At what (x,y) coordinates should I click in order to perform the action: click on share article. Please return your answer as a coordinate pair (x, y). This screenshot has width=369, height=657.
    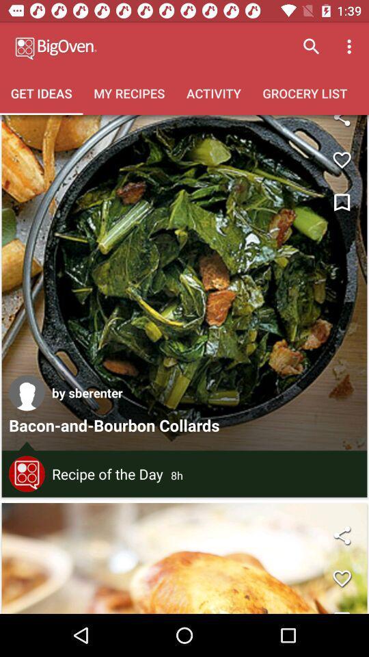
    Looking at the image, I should click on (341, 125).